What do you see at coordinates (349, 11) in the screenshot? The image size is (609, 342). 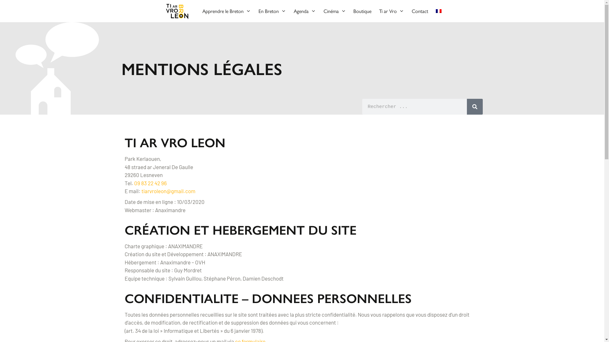 I see `'Boutique'` at bounding box center [349, 11].